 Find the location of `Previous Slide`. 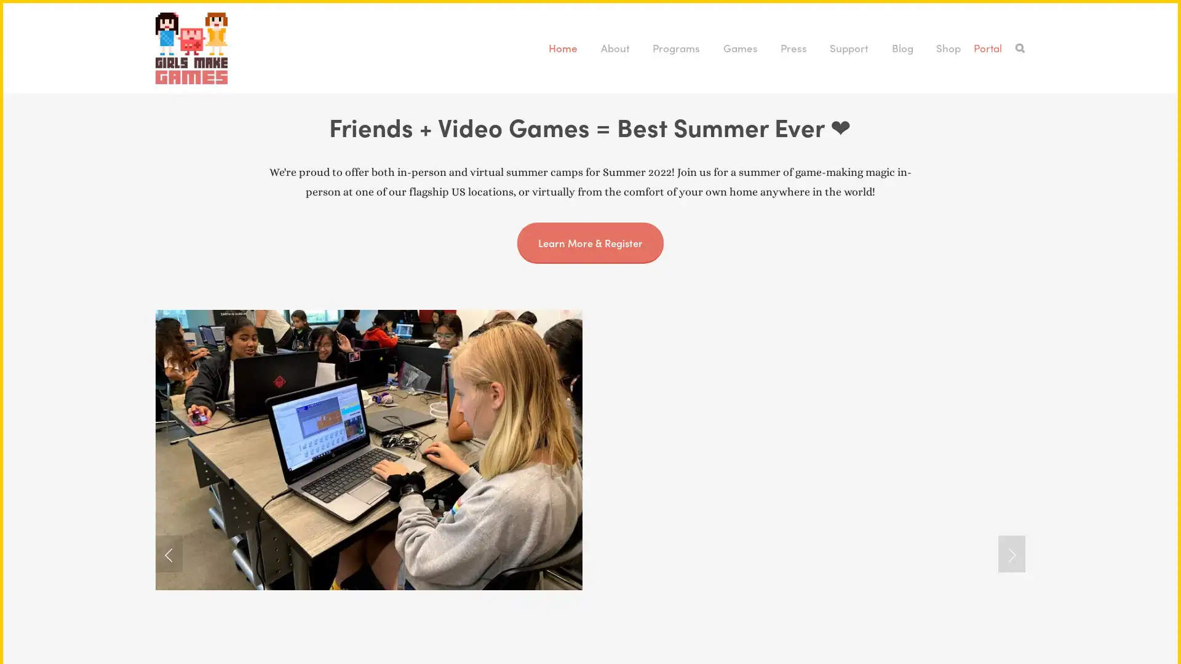

Previous Slide is located at coordinates (168, 554).